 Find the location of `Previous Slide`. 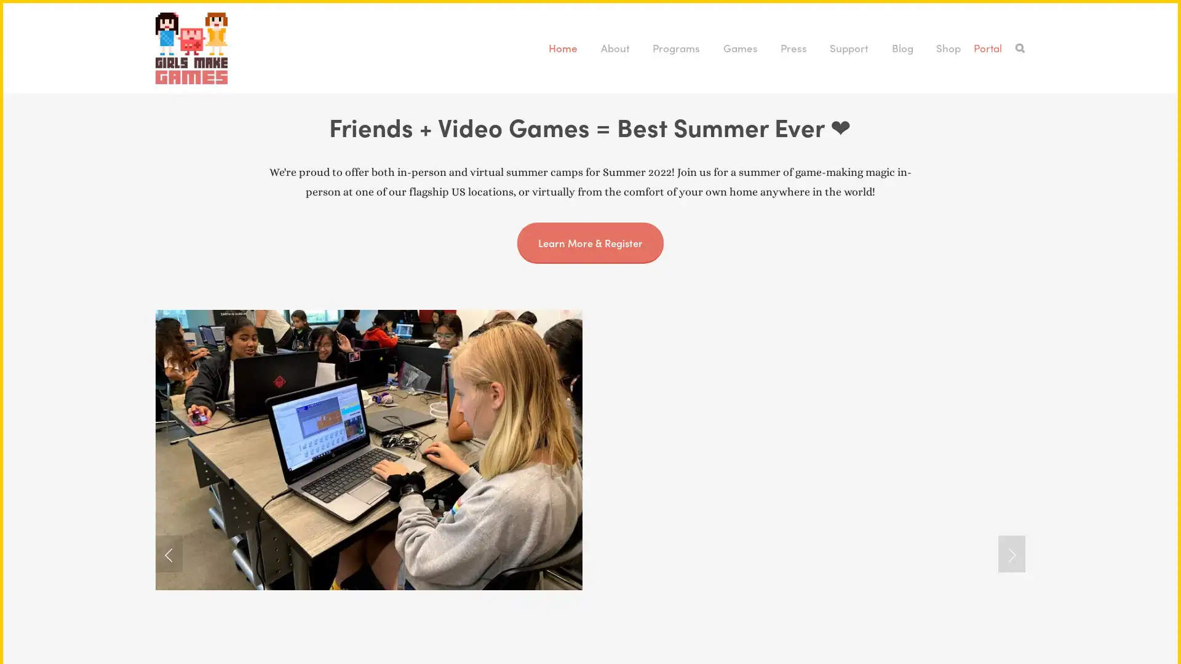

Previous Slide is located at coordinates (168, 554).